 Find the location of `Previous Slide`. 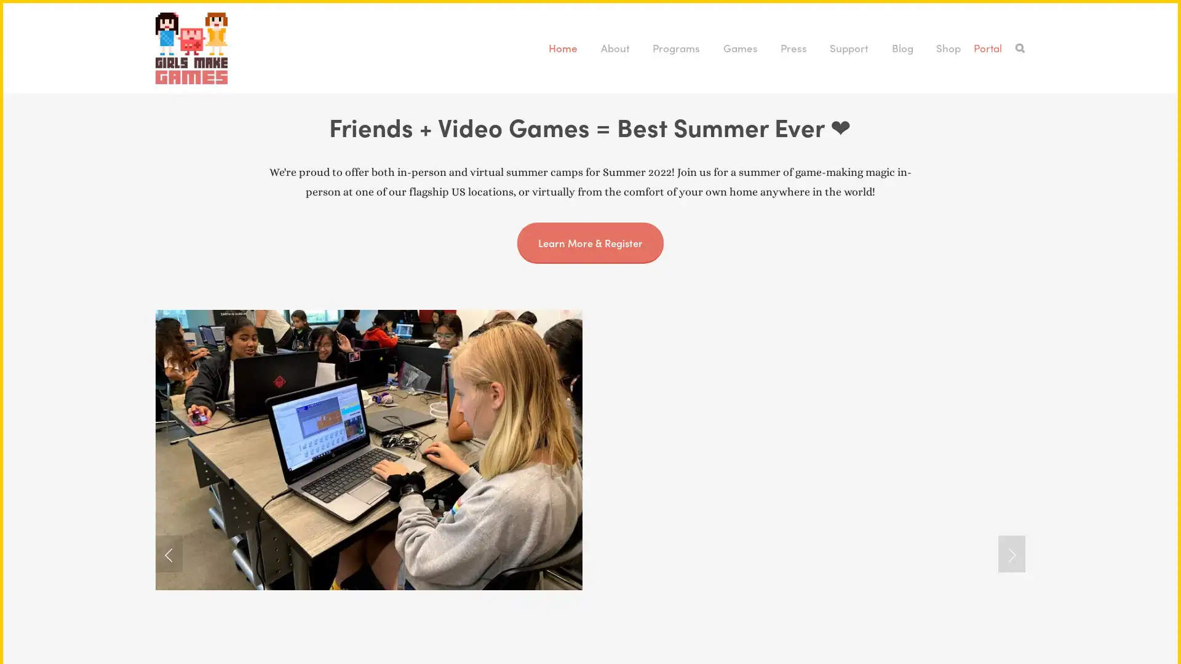

Previous Slide is located at coordinates (168, 554).